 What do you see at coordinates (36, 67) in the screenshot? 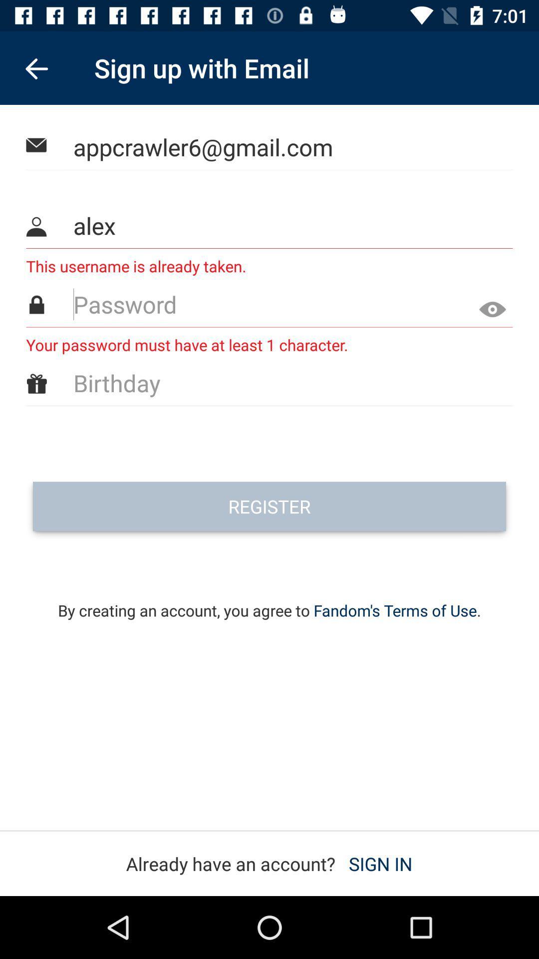
I see `icon next to sign up with item` at bounding box center [36, 67].